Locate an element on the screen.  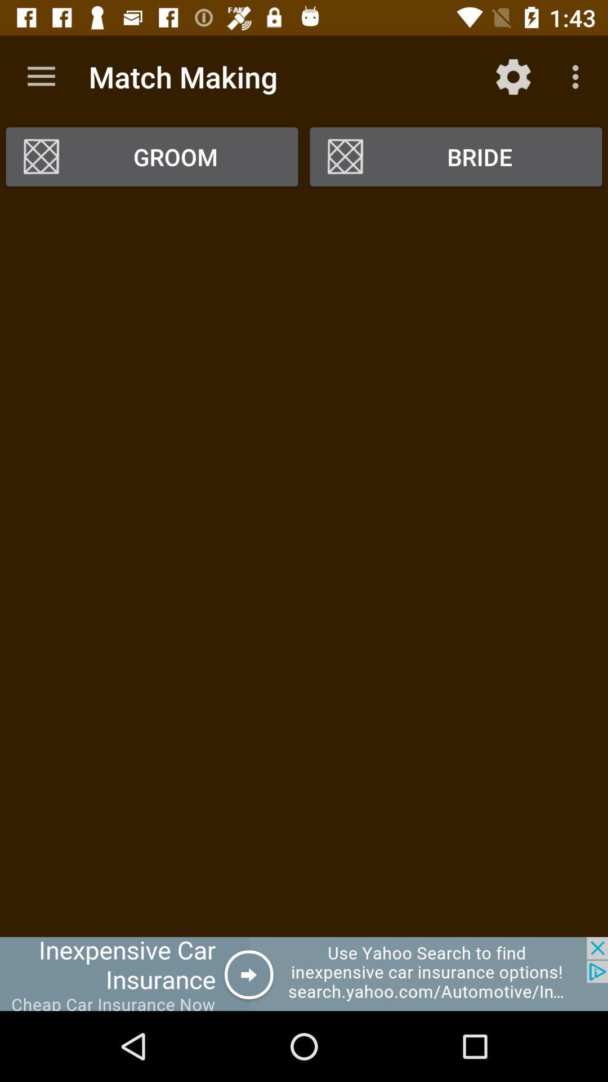
open advertisement is located at coordinates (304, 973).